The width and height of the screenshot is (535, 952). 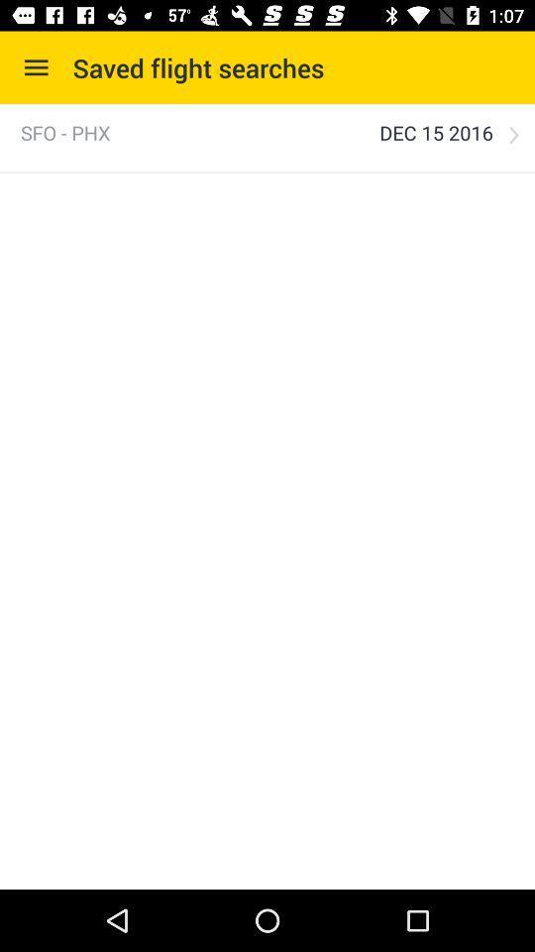 What do you see at coordinates (436, 132) in the screenshot?
I see `the dec 15 2016 icon` at bounding box center [436, 132].